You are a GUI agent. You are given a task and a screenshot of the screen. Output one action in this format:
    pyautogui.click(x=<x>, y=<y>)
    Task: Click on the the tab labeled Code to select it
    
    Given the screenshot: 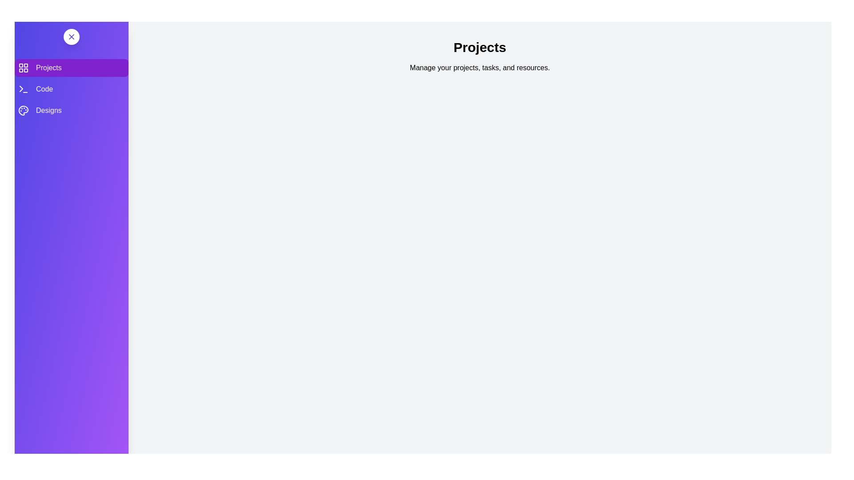 What is the action you would take?
    pyautogui.click(x=72, y=89)
    